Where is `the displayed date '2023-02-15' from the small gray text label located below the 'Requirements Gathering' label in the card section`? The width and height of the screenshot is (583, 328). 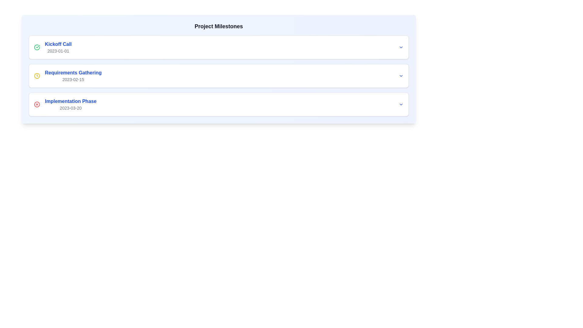
the displayed date '2023-02-15' from the small gray text label located below the 'Requirements Gathering' label in the card section is located at coordinates (73, 79).